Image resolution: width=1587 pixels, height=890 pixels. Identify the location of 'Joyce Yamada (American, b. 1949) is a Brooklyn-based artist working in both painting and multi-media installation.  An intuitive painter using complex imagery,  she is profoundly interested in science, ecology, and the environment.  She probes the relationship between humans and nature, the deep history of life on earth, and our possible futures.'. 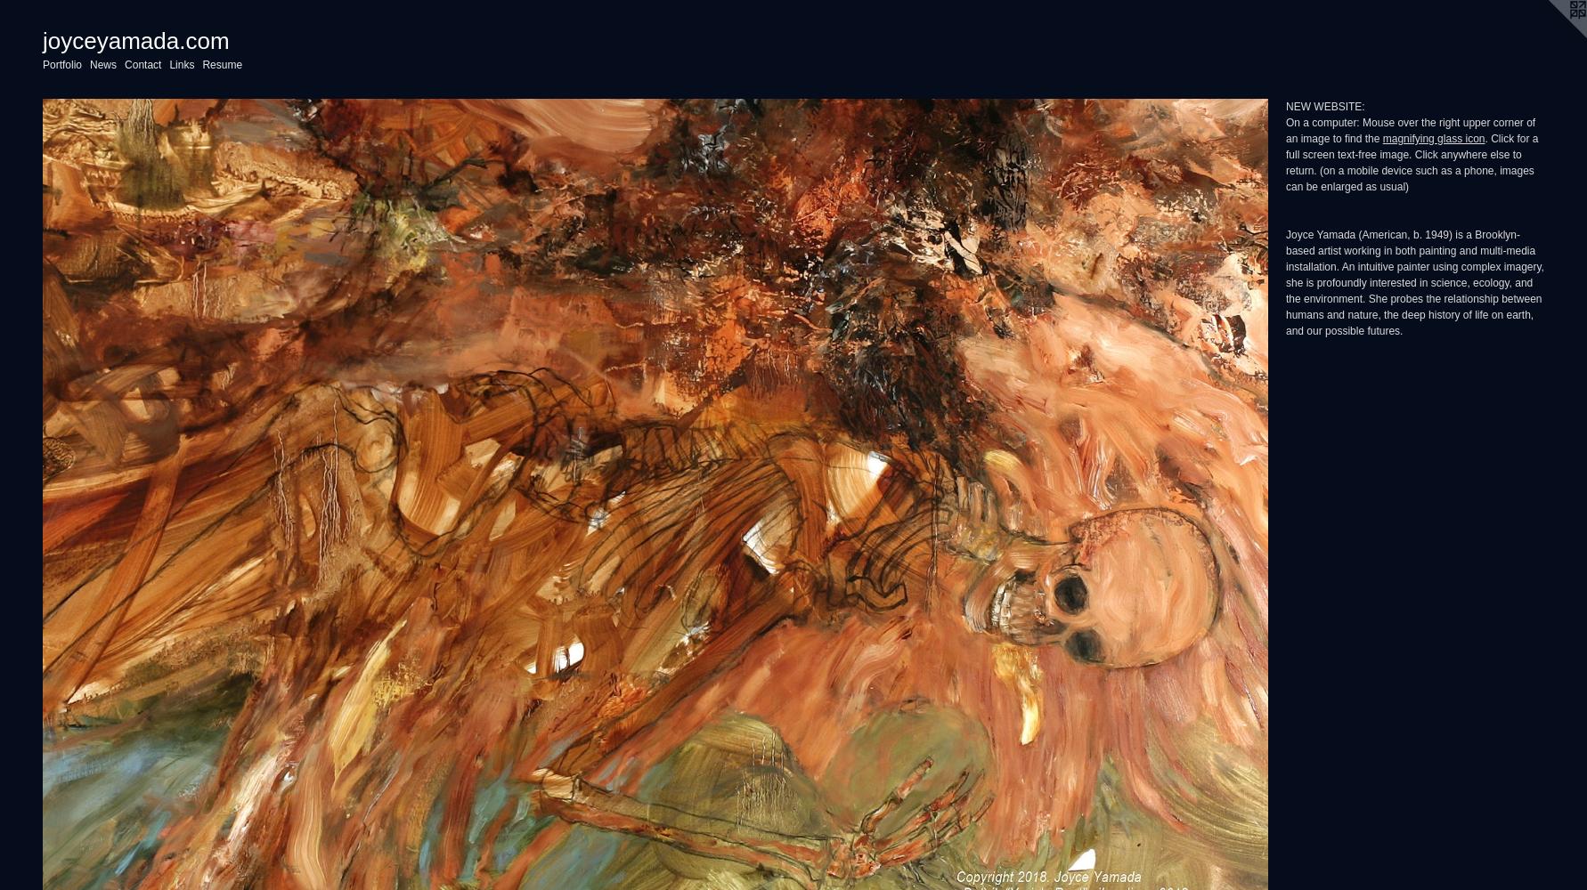
(1413, 282).